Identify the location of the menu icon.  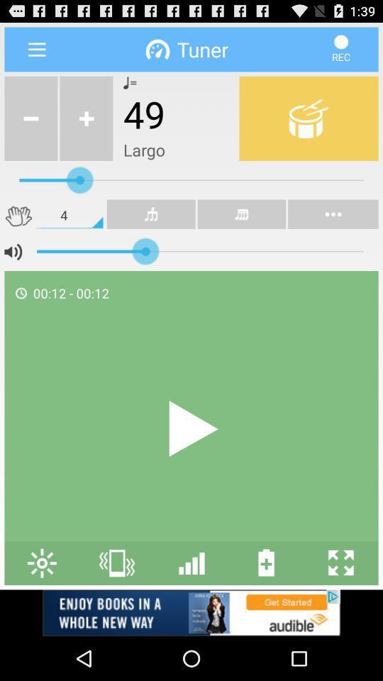
(37, 52).